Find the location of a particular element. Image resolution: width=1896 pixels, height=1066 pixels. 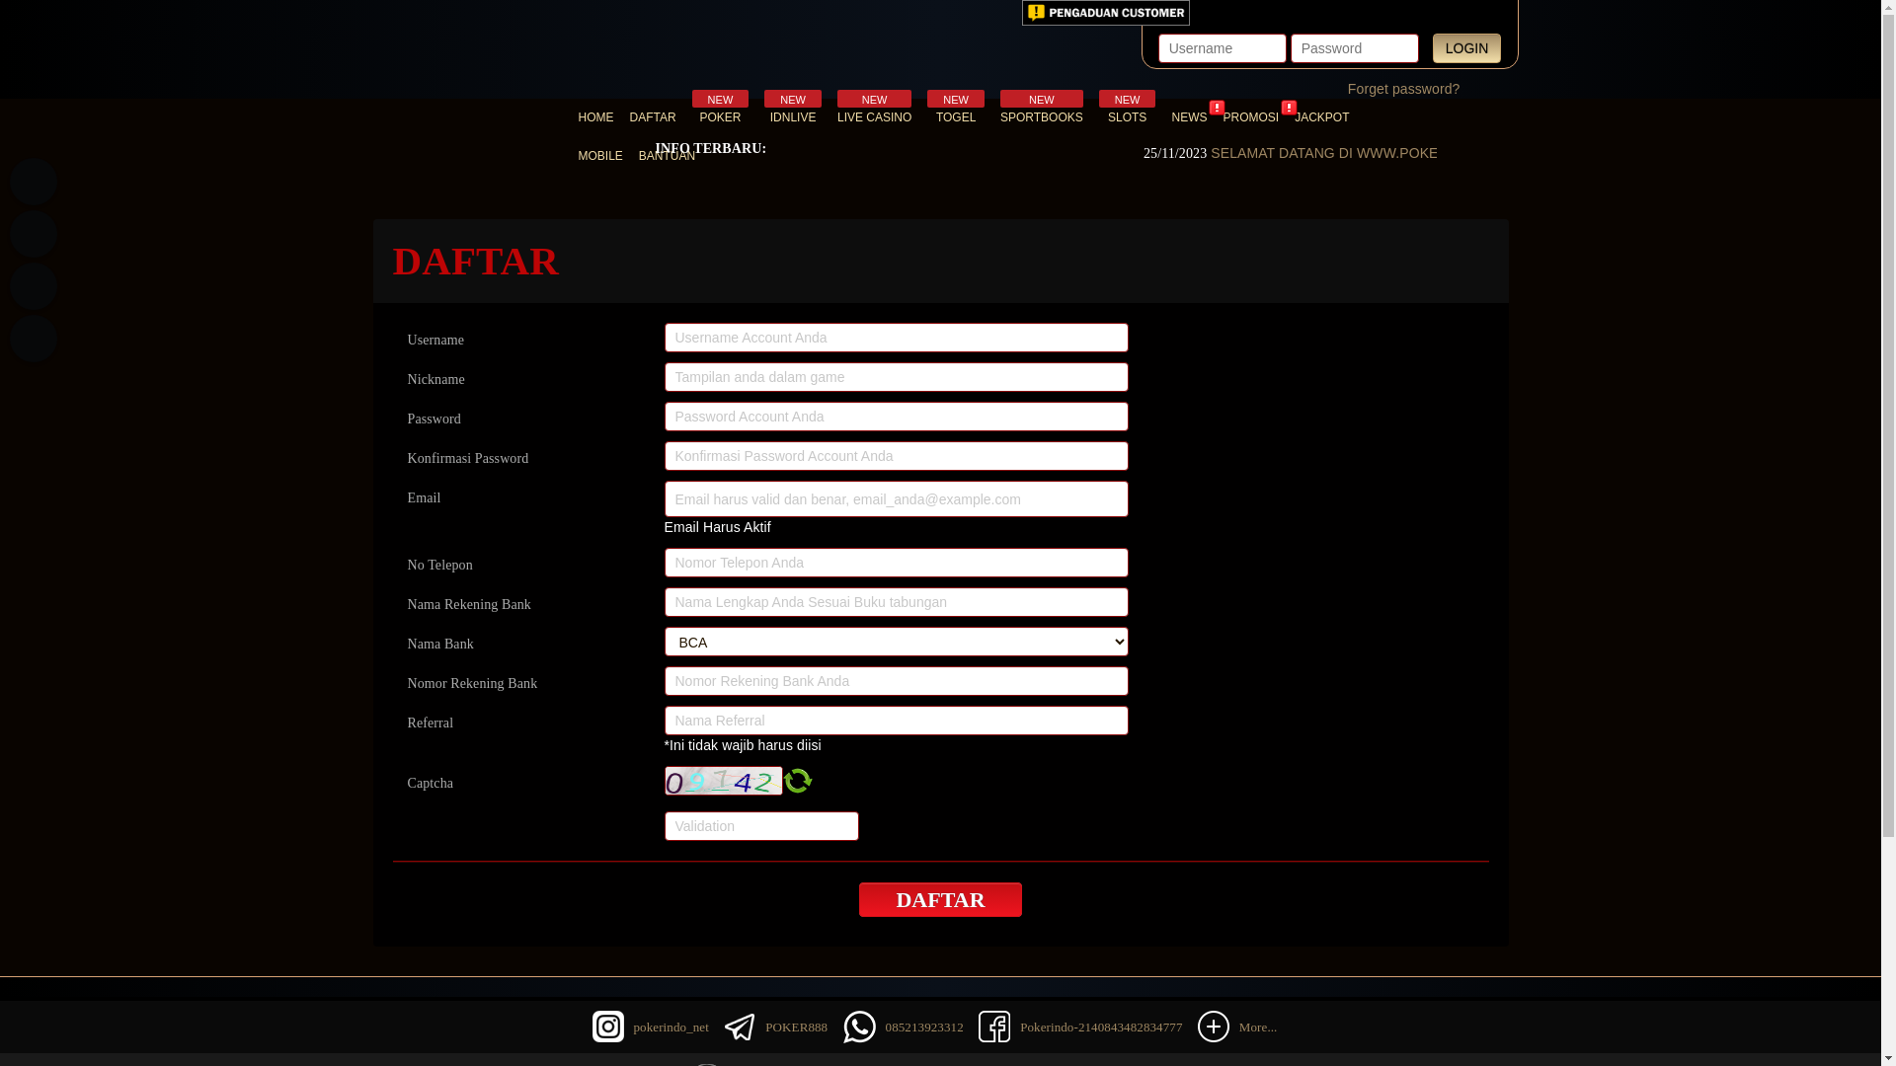

'Refresh Captcha' is located at coordinates (796, 779).